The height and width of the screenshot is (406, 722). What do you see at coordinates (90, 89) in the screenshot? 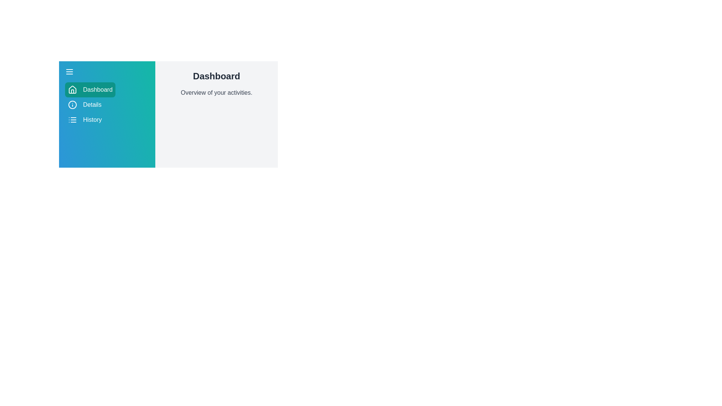
I see `the Dashboard section by clicking its corresponding button in the sidebar` at bounding box center [90, 89].